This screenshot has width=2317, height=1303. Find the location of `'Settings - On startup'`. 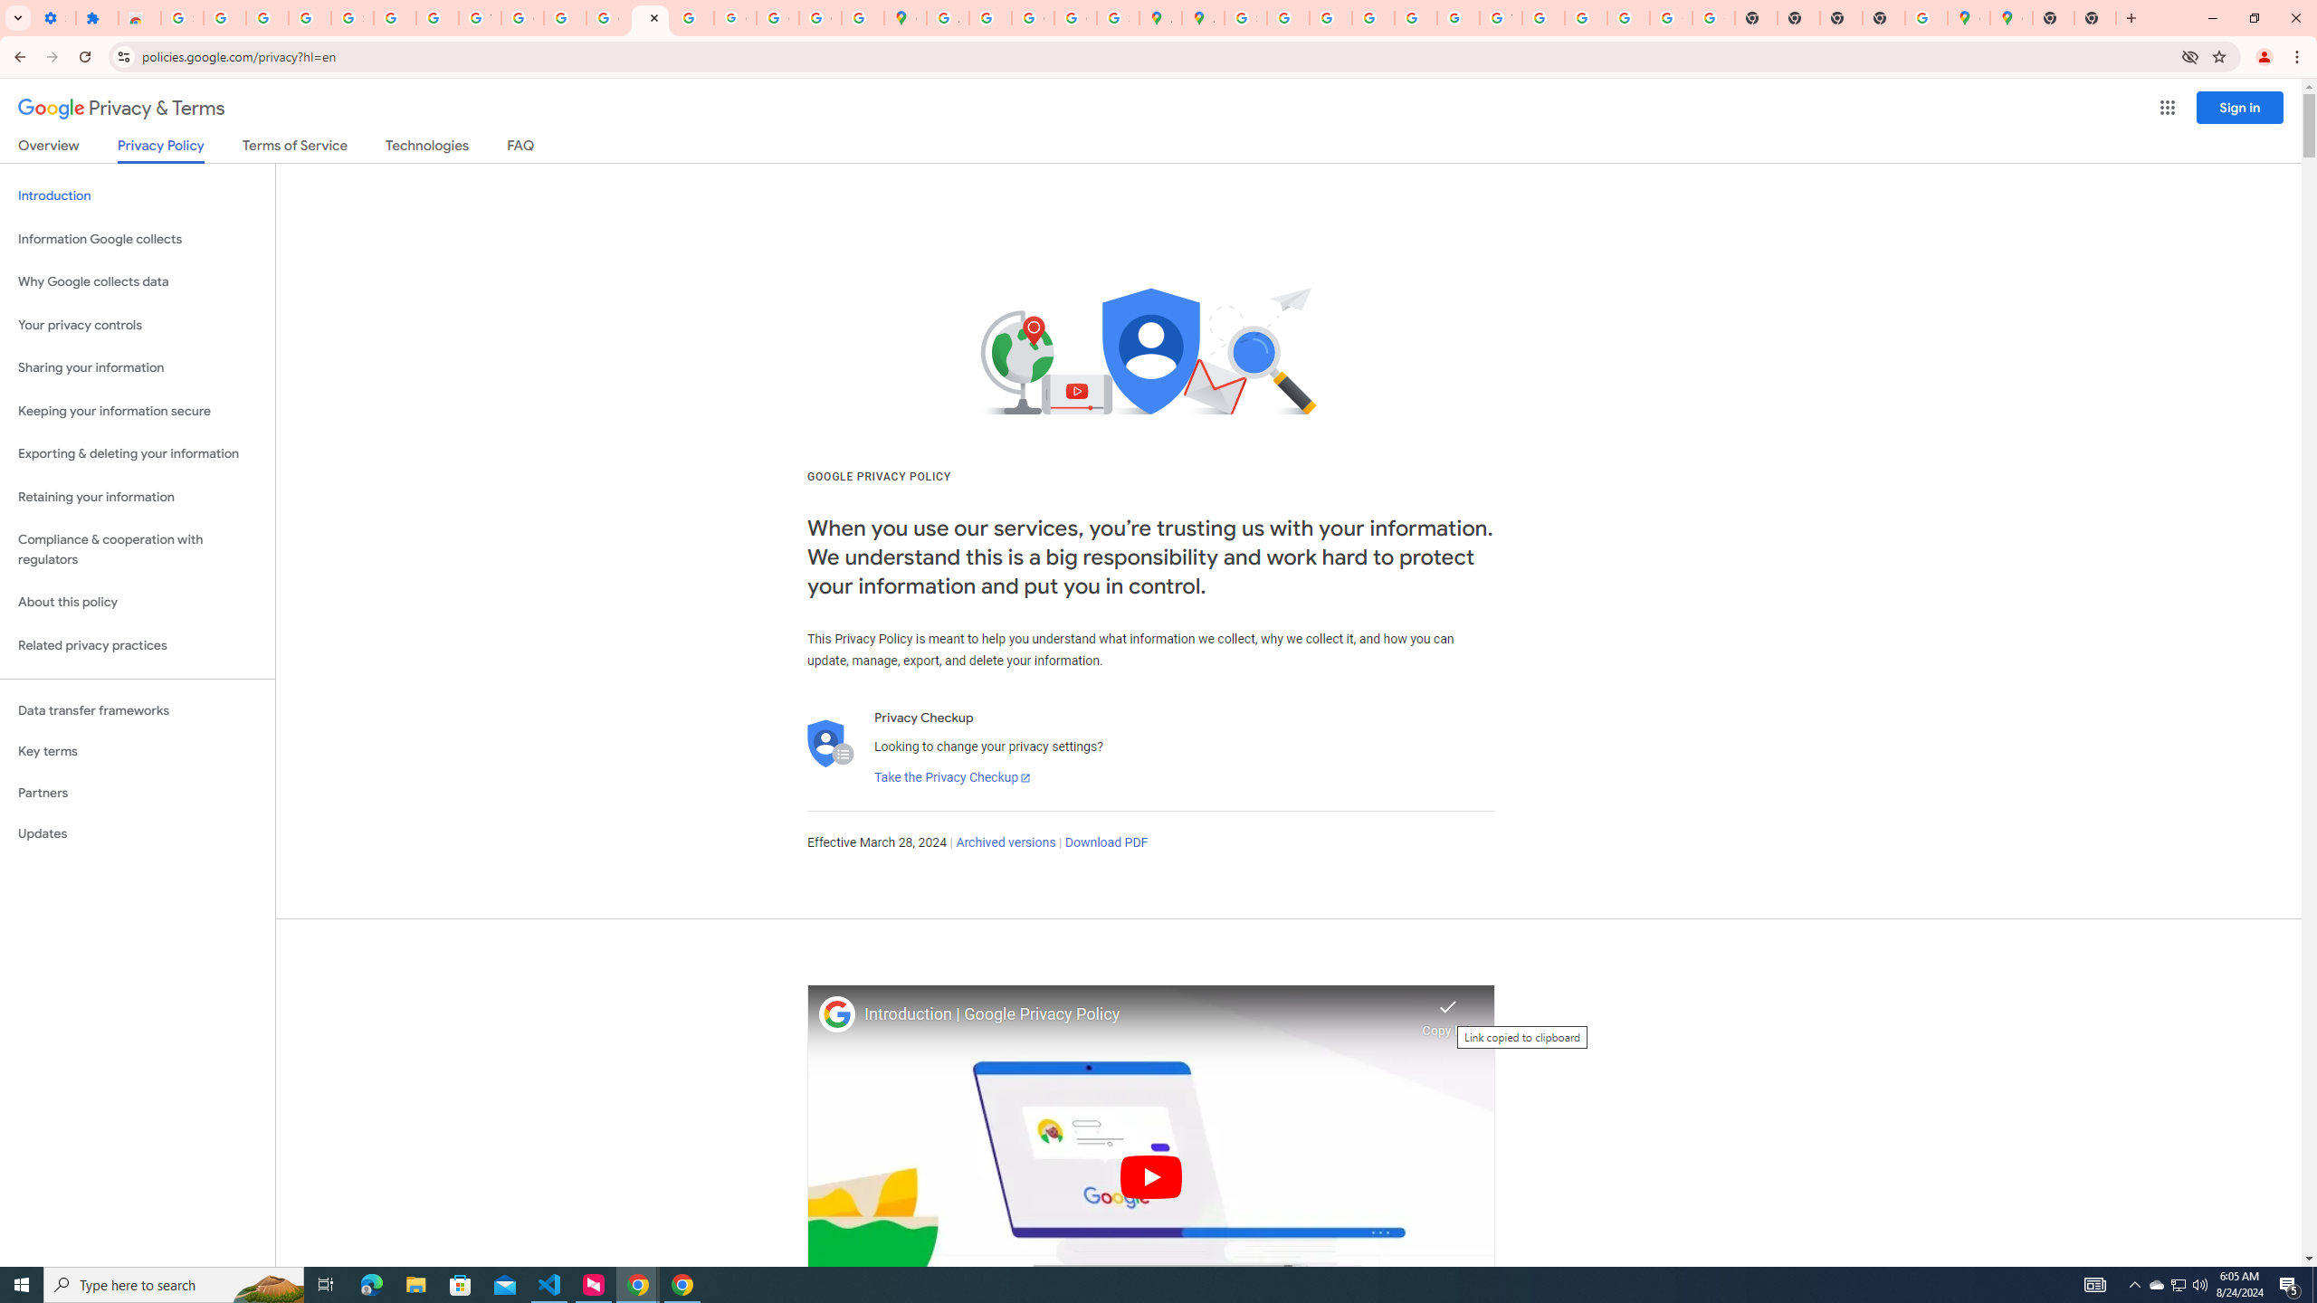

'Settings - On startup' is located at coordinates (54, 17).